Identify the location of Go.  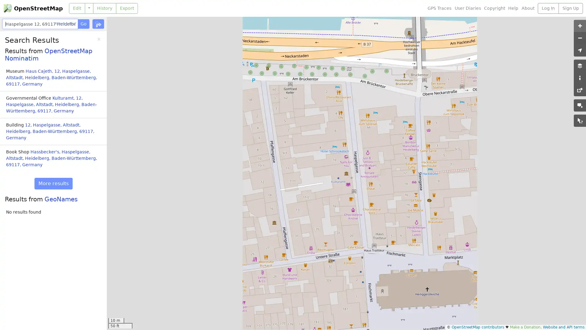
(83, 24).